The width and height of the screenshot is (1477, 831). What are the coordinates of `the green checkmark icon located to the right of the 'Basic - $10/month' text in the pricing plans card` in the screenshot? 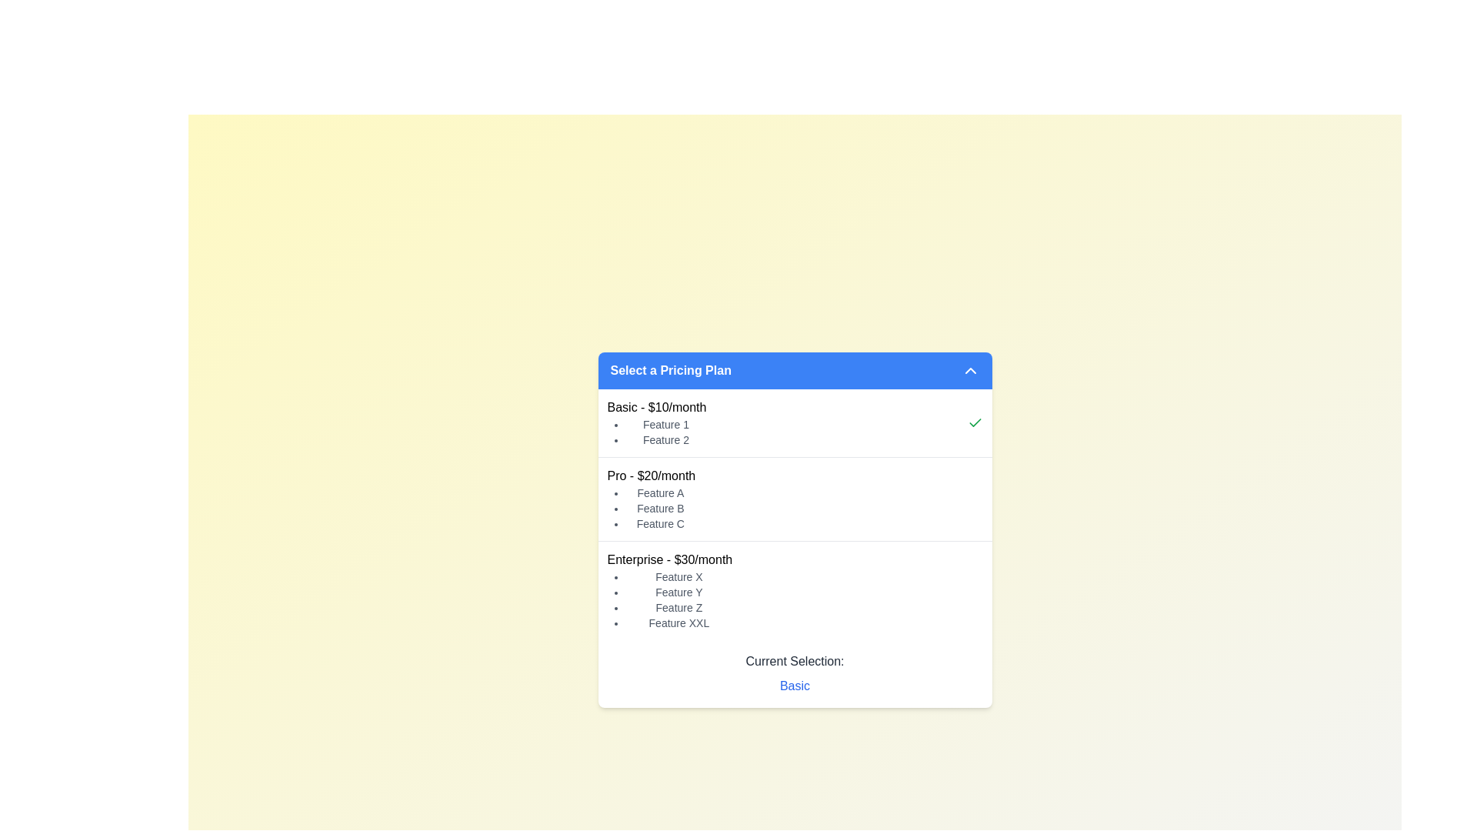 It's located at (974, 422).